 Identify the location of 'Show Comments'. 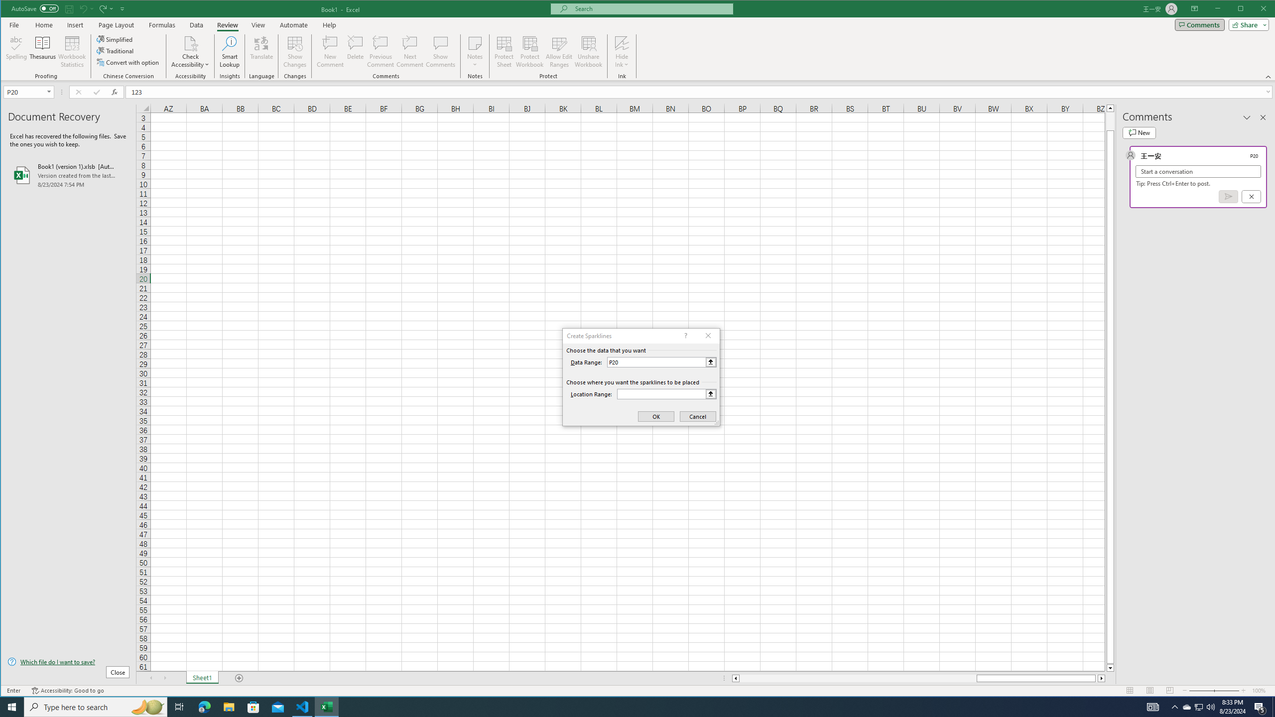
(440, 51).